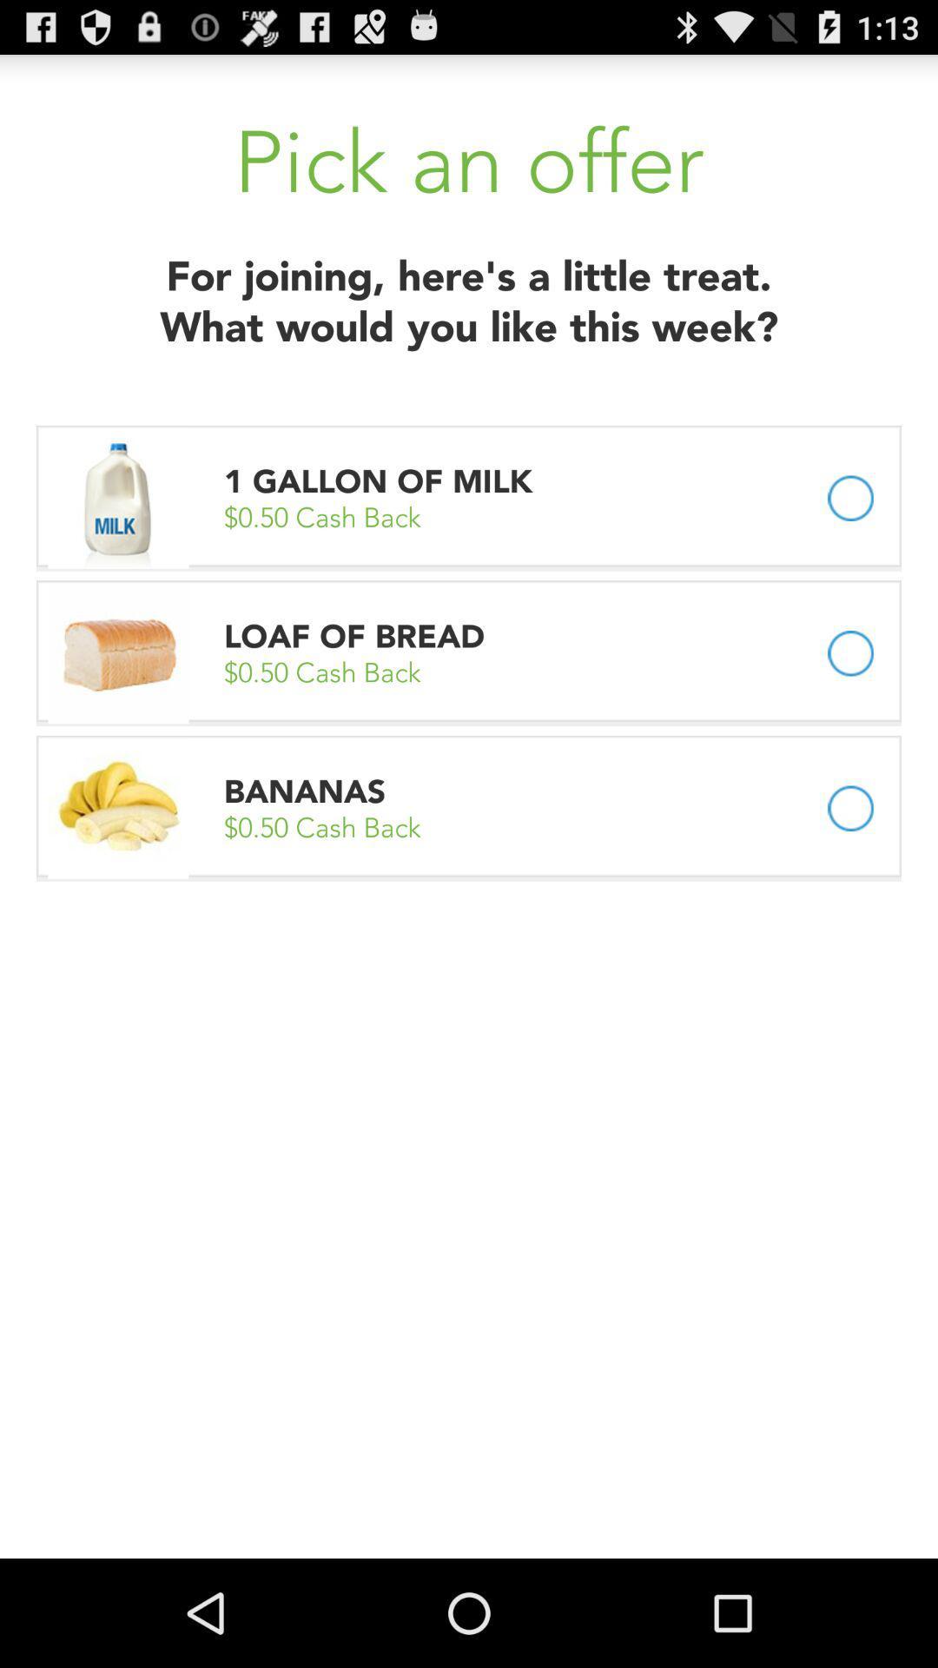 The width and height of the screenshot is (938, 1668). Describe the element at coordinates (381, 481) in the screenshot. I see `the 1 gallon of` at that location.